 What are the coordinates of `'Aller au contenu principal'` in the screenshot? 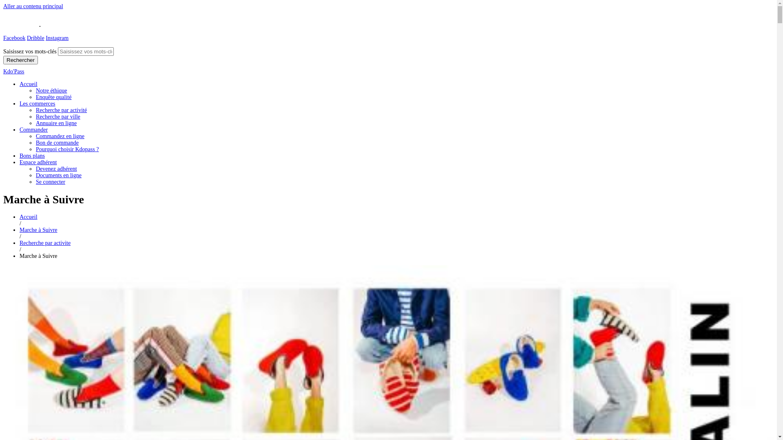 It's located at (3, 6).